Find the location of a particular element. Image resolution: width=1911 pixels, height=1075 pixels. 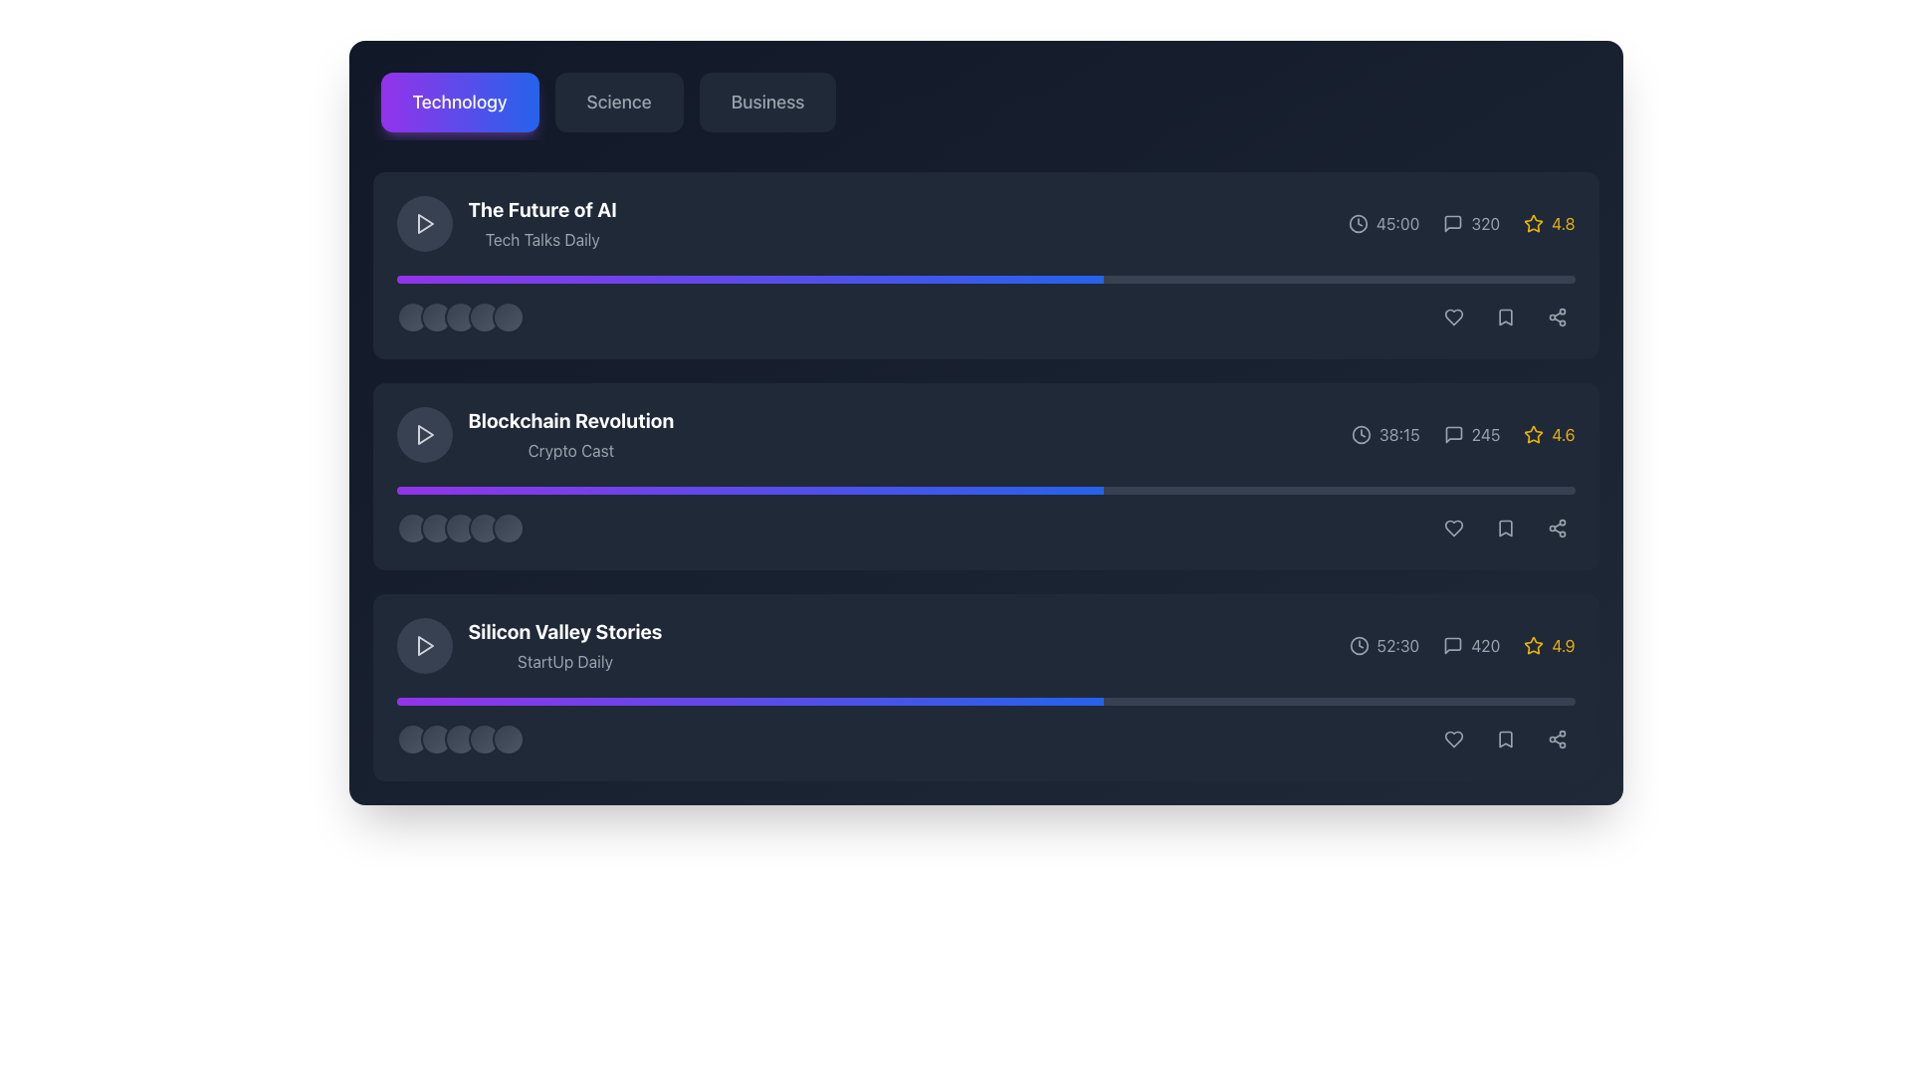

the comment icon located in the horizontal row of icons to the right of 'The Future of AI', which is the first icon in its row is located at coordinates (1453, 223).